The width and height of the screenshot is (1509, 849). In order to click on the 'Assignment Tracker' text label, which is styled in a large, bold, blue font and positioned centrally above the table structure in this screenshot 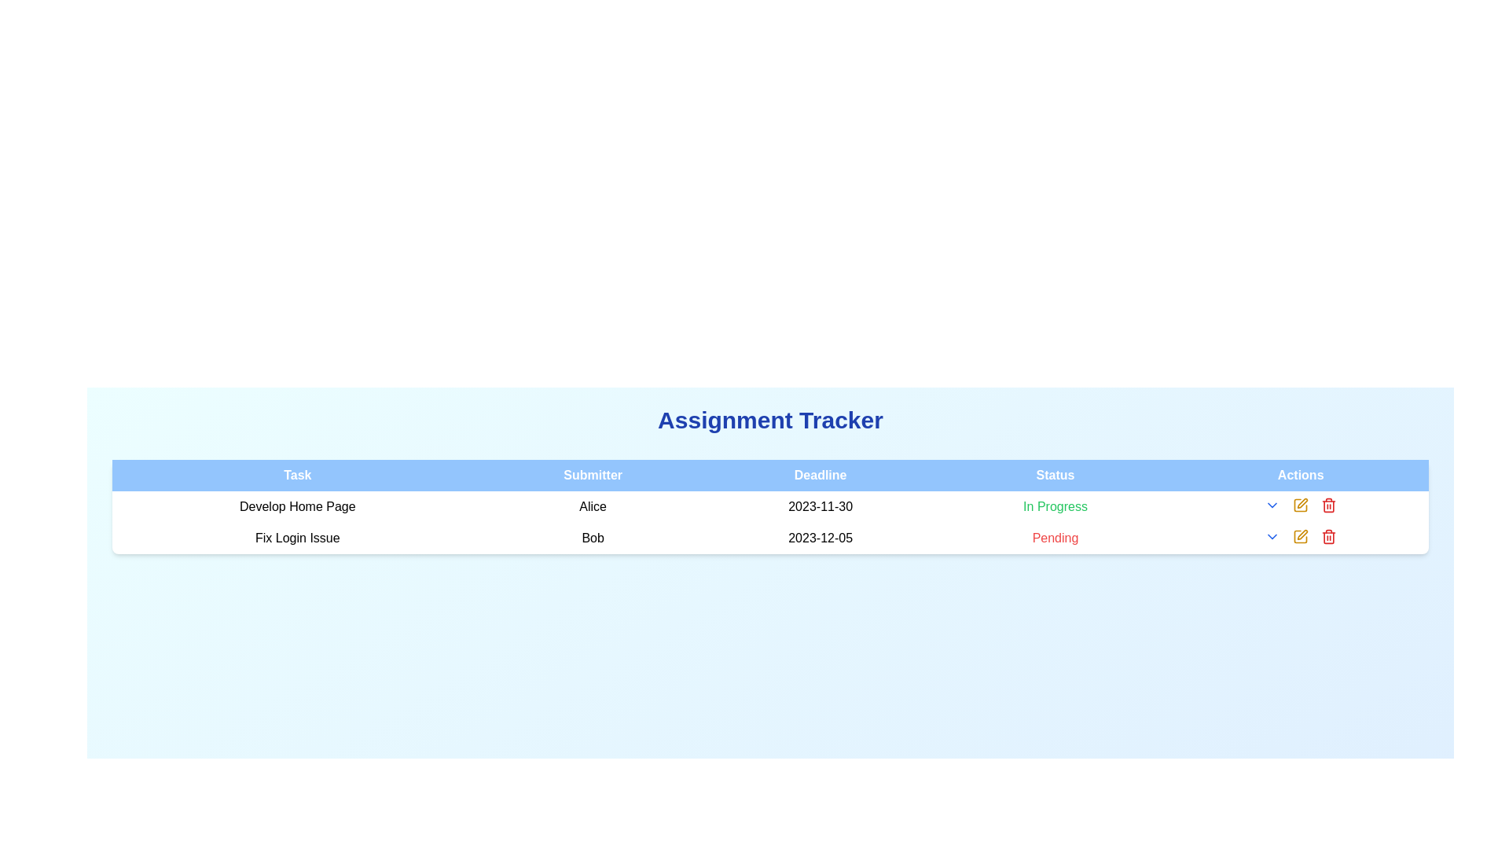, I will do `click(770, 420)`.